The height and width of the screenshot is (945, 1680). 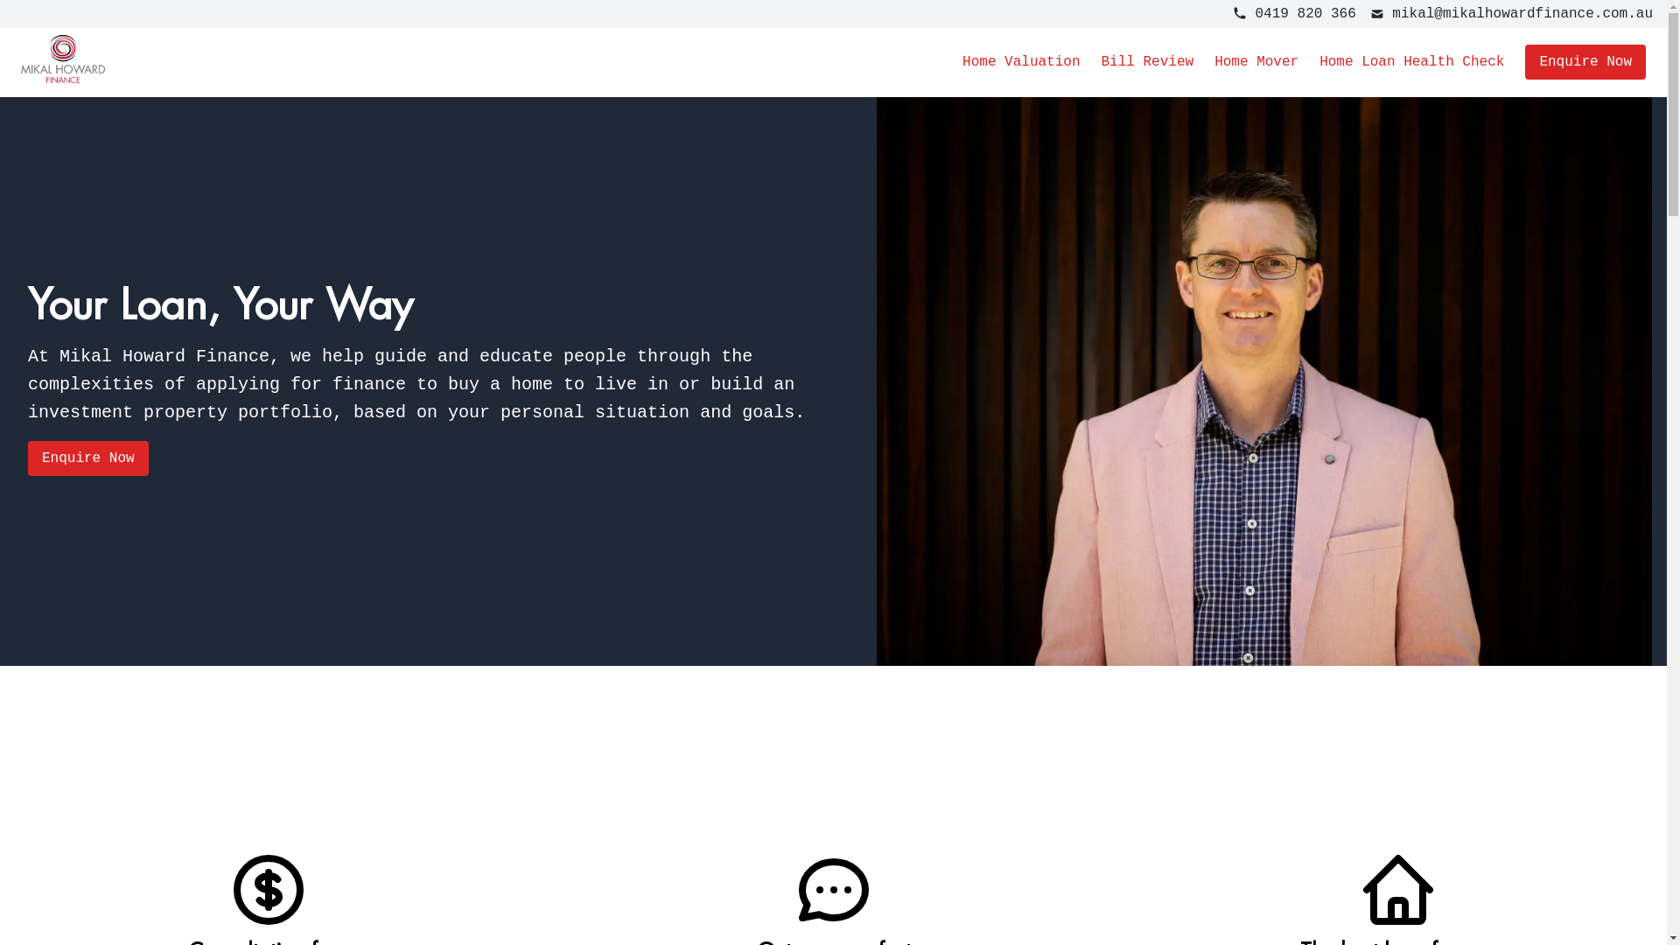 What do you see at coordinates (1232, 13) in the screenshot?
I see `'0419 820 366'` at bounding box center [1232, 13].